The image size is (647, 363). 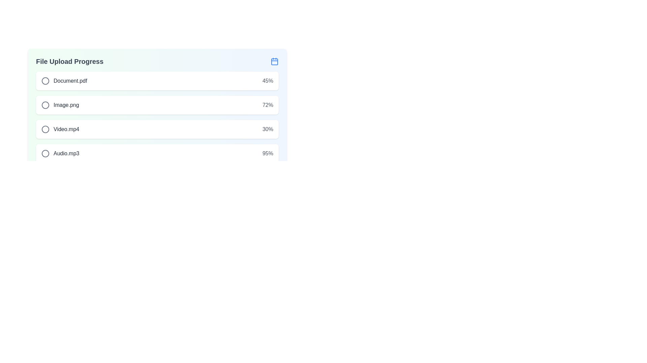 What do you see at coordinates (60, 105) in the screenshot?
I see `the second list item labeled 'Image.png'` at bounding box center [60, 105].